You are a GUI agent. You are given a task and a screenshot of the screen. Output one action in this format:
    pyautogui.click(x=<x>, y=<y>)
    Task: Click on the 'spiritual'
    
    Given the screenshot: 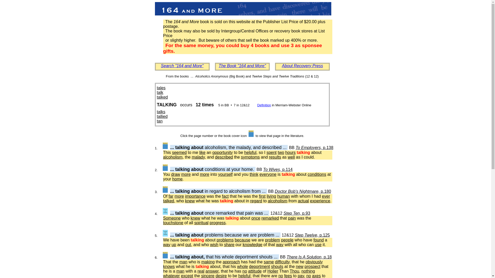 What is the action you would take?
    pyautogui.click(x=201, y=222)
    